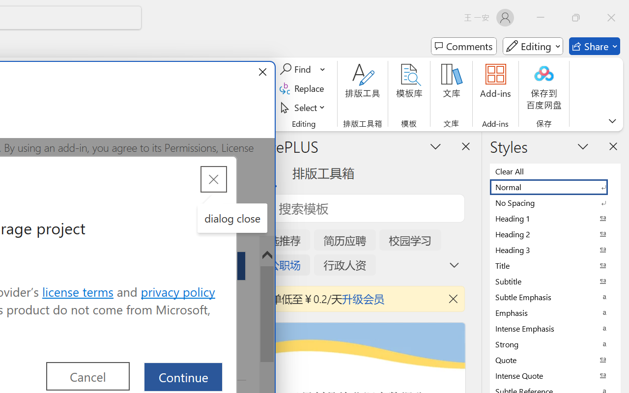 The height and width of the screenshot is (393, 629). I want to click on 'Clear All', so click(555, 171).